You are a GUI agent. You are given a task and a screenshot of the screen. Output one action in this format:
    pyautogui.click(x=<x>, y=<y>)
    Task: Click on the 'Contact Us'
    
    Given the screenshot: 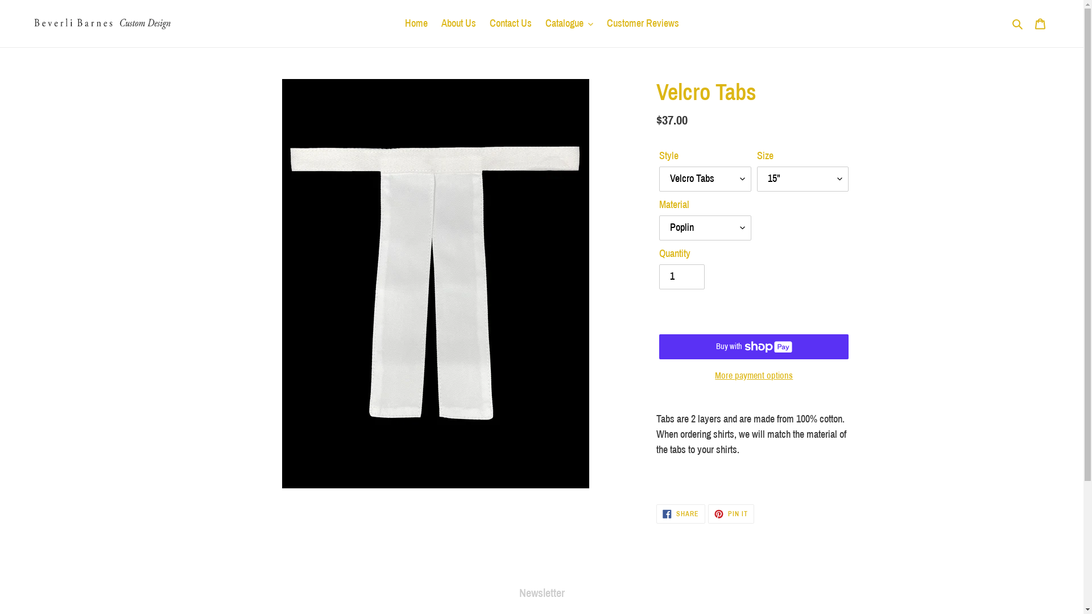 What is the action you would take?
    pyautogui.click(x=510, y=23)
    